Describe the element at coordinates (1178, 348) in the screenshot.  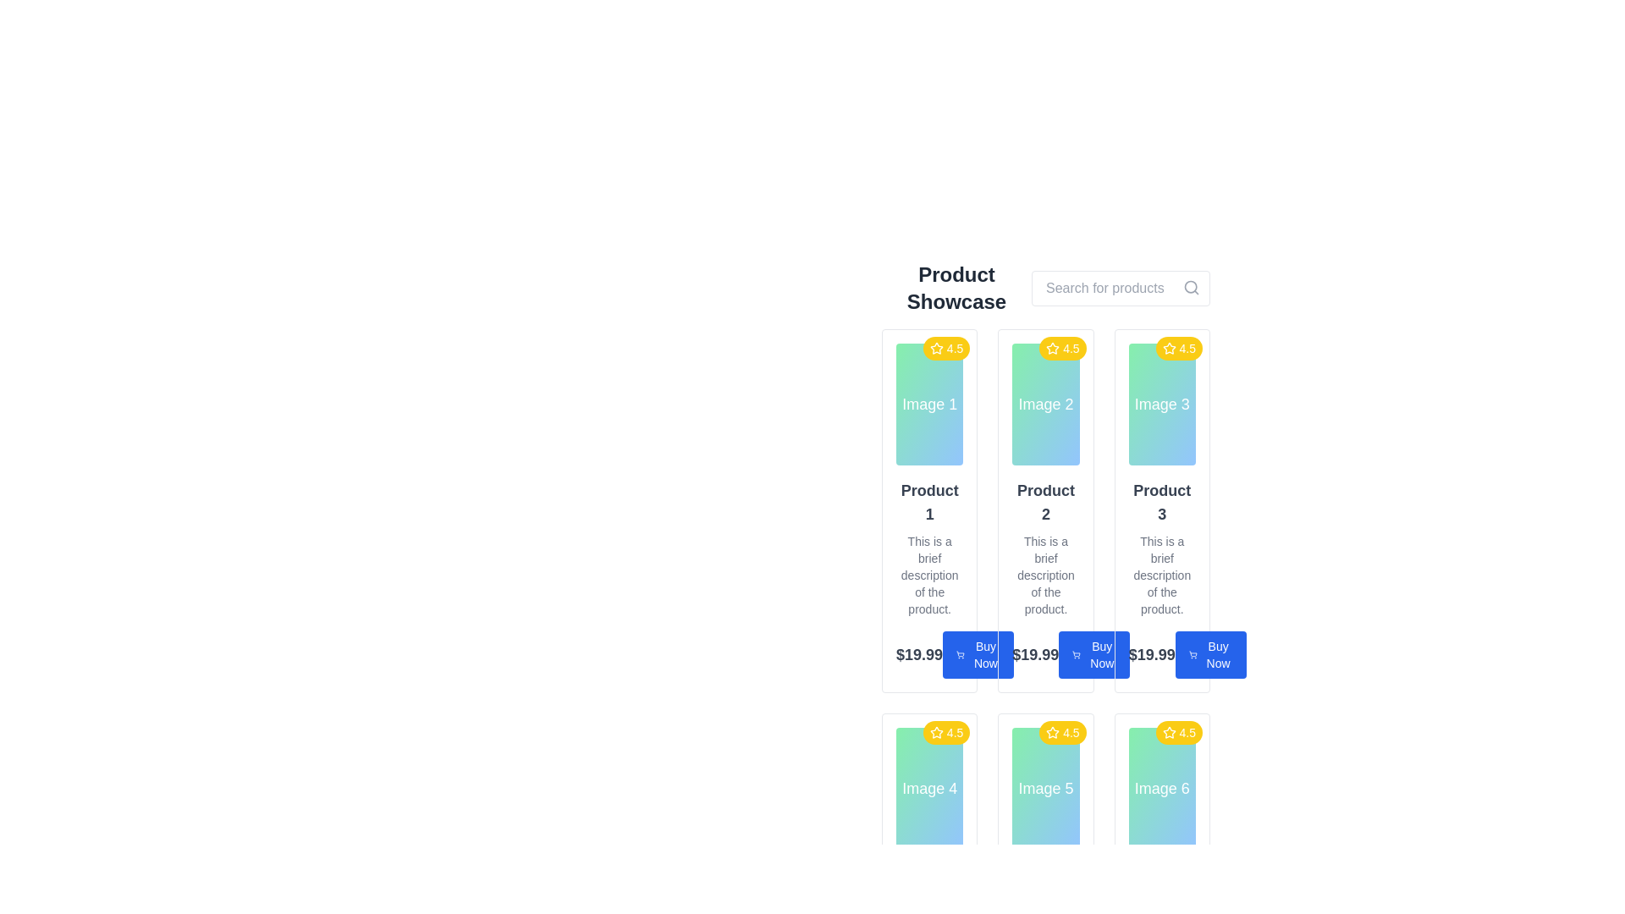
I see `the Rating Badge, a circular badge with a yellow background and a star icon, located at the top-right corner of 'Product 3' card` at that location.